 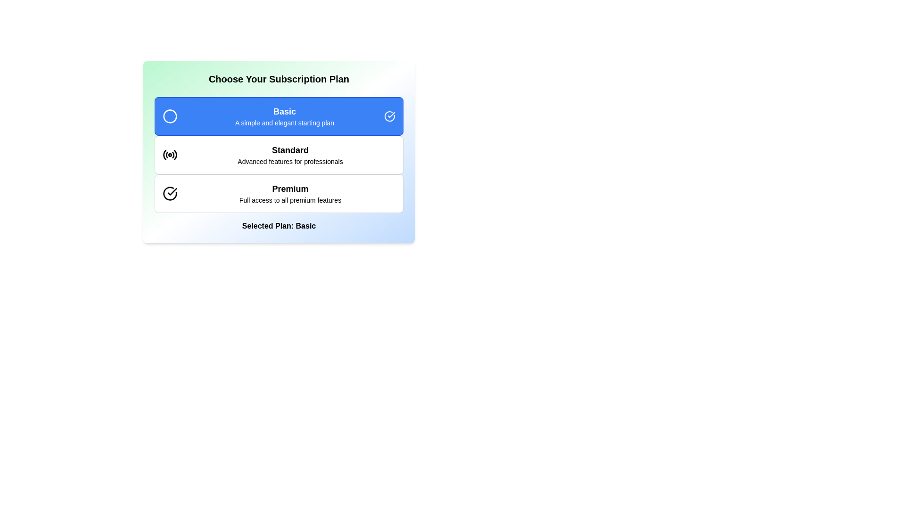 I want to click on the 'Basic' subscription plan selectable list item, which is a rectangular button-like component with a blue background and white text, labeled 'Basic' in bold font, positioned above 'Standard' and 'Premium' options, so click(x=278, y=115).